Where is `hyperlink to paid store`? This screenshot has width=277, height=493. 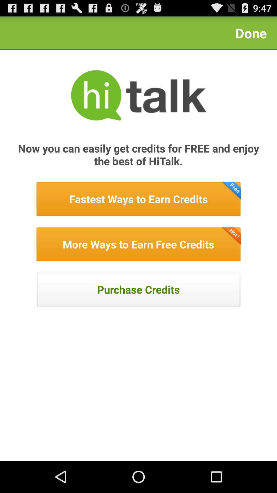 hyperlink to paid store is located at coordinates (138, 289).